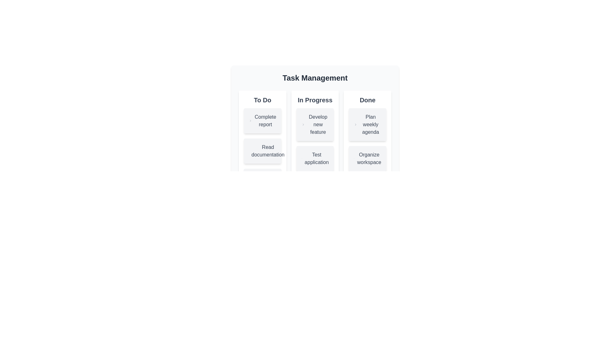 The image size is (605, 340). I want to click on the task card located as the second item in the 'Done' column, so click(367, 125).